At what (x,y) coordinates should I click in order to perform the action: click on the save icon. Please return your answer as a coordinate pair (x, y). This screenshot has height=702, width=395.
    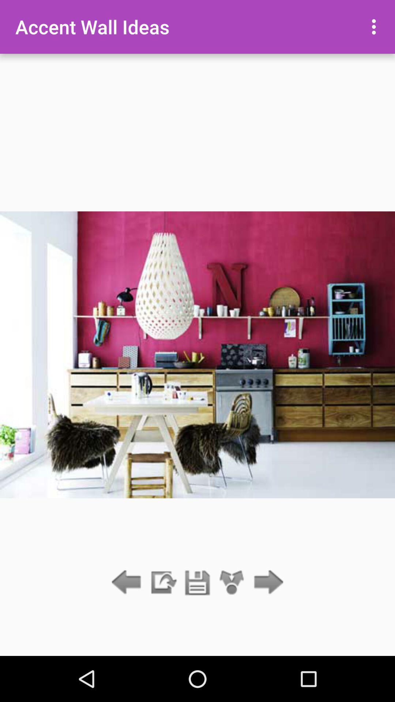
    Looking at the image, I should click on (197, 582).